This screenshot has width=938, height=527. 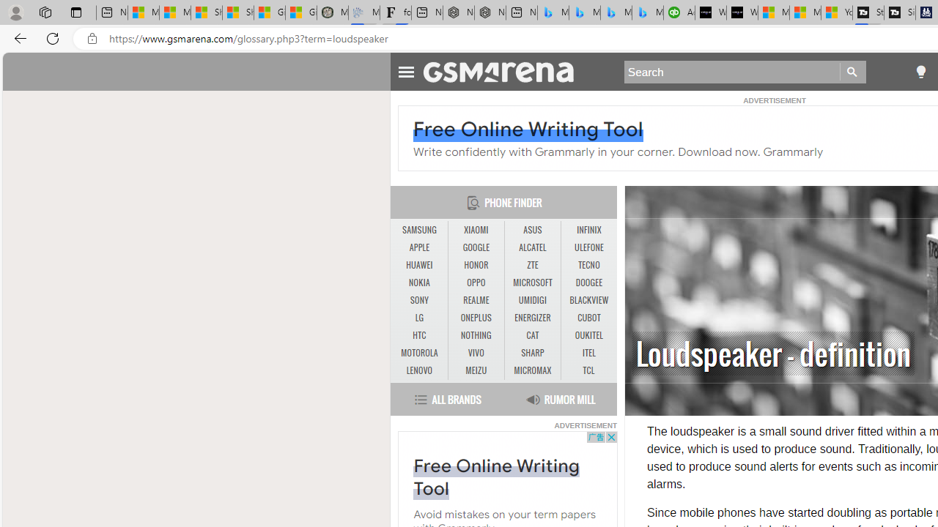 I want to click on 'NOKIA', so click(x=418, y=283).